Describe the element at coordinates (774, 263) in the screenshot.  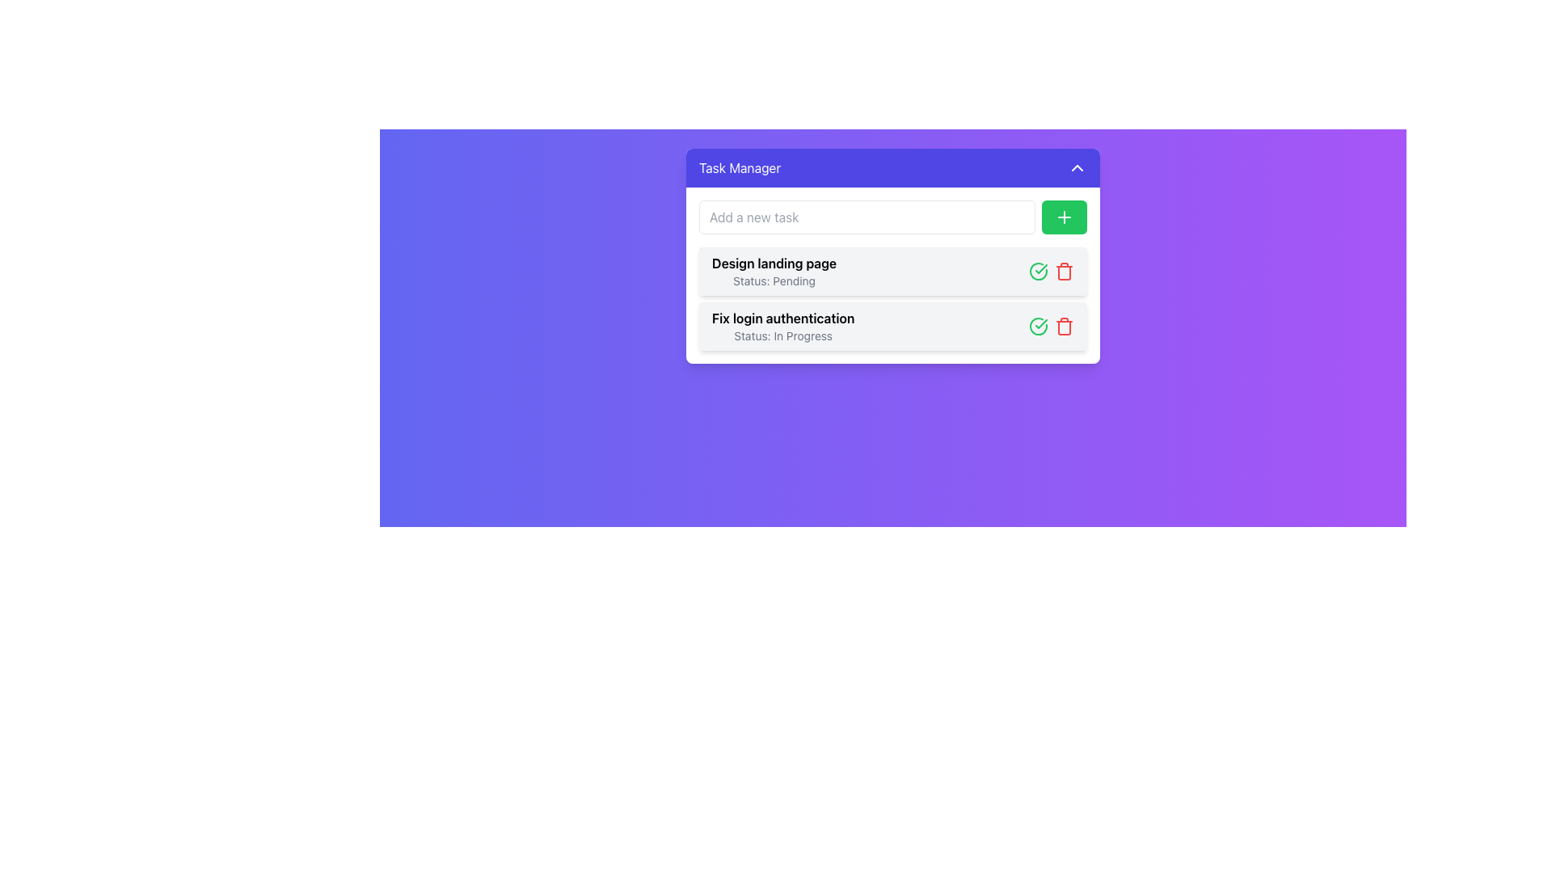
I see `the text label displaying 'Design landing page', which is bold and positioned above 'Status: Pending' in the task manager interface` at that location.